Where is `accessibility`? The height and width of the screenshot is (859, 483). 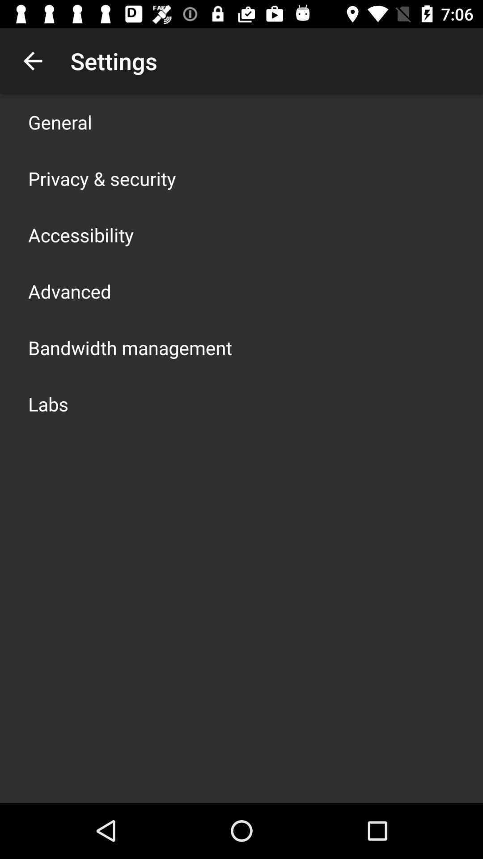 accessibility is located at coordinates (81, 234).